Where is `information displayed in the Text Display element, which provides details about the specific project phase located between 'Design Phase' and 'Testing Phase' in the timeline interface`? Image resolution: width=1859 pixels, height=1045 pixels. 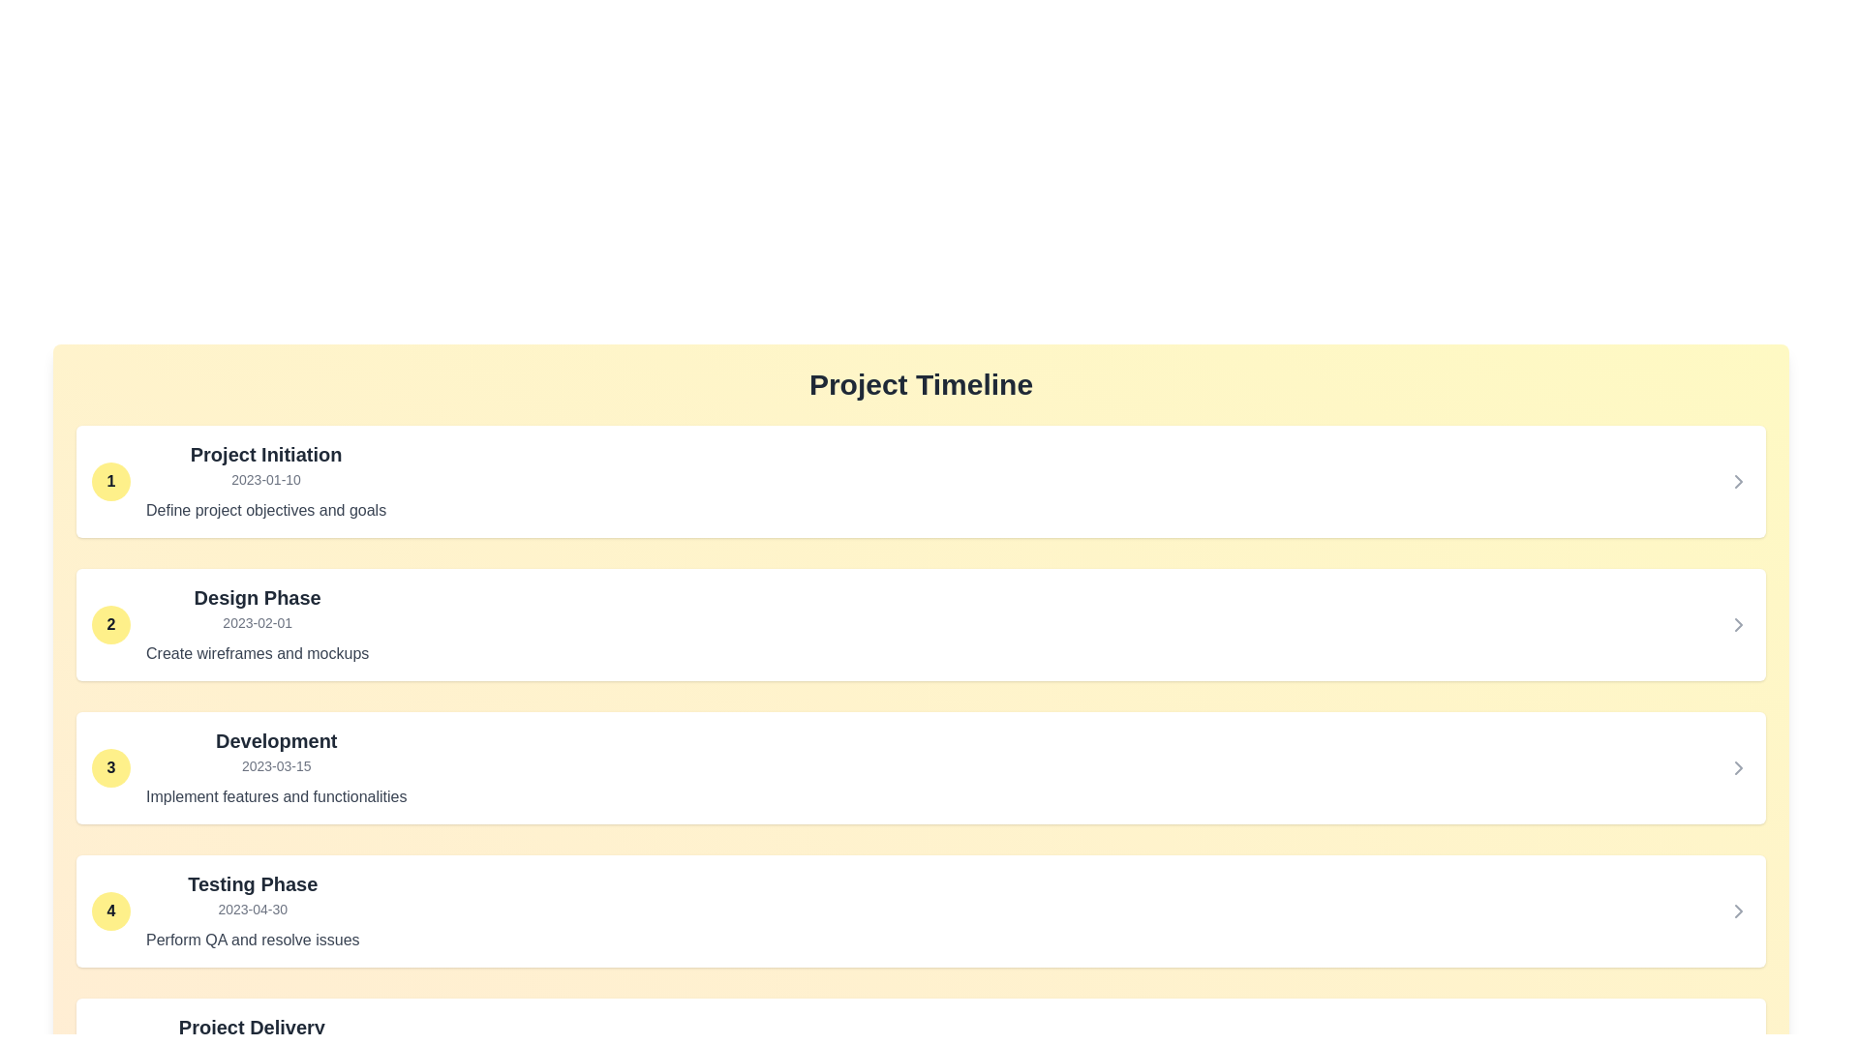 information displayed in the Text Display element, which provides details about the specific project phase located between 'Design Phase' and 'Testing Phase' in the timeline interface is located at coordinates (275, 767).